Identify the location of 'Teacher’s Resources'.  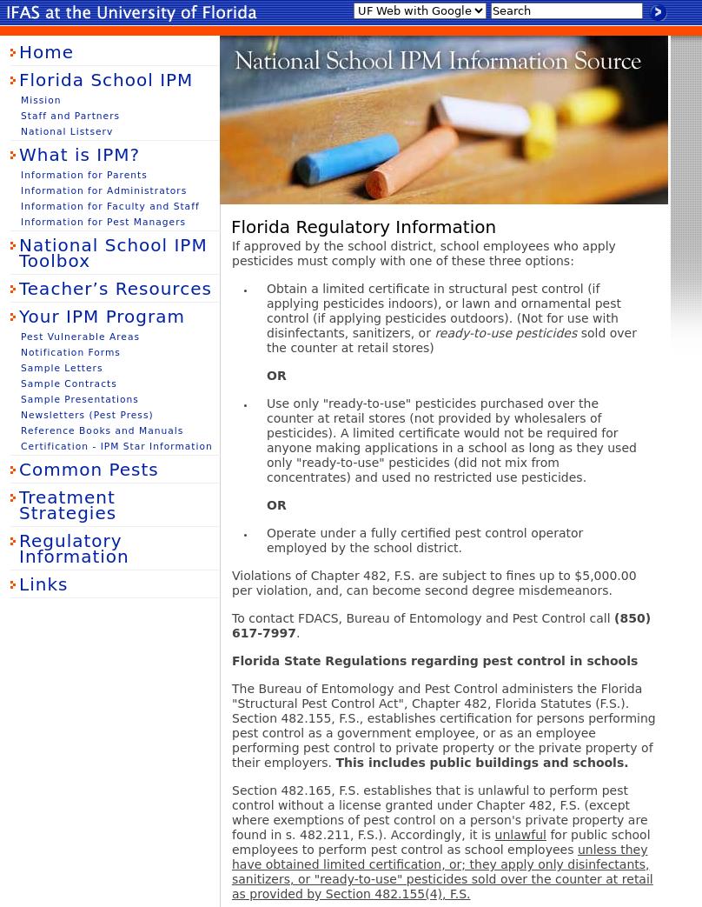
(114, 287).